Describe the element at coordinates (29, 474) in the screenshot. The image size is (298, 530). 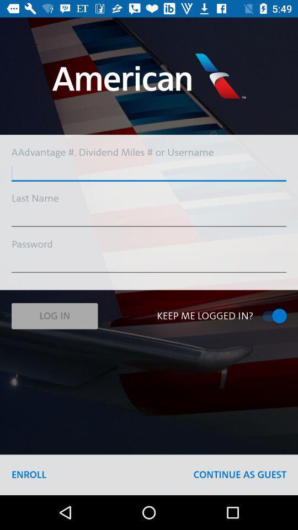
I see `the item next to continue as guest icon` at that location.